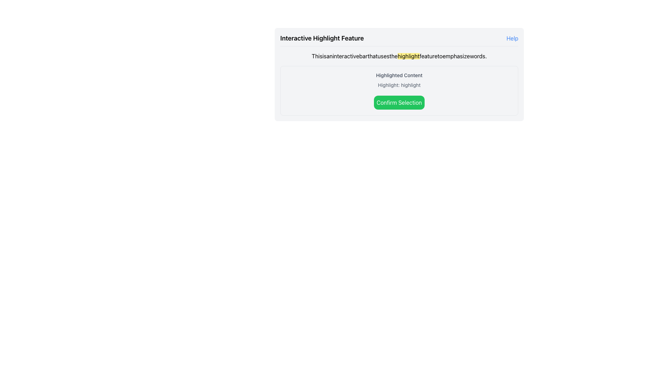 This screenshot has width=671, height=377. What do you see at coordinates (372, 56) in the screenshot?
I see `the sixth word in the sentence 'This is an interactive bar that uses the highlight feature to emphasize words.'` at bounding box center [372, 56].